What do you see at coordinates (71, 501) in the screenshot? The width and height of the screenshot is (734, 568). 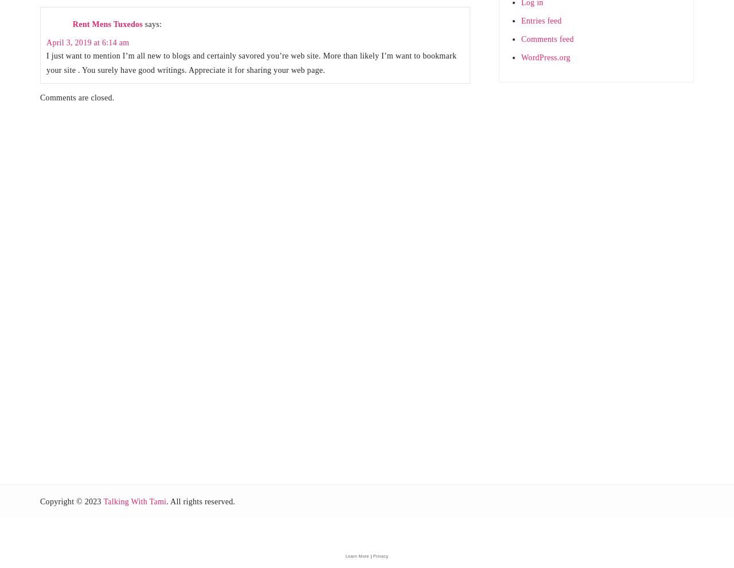 I see `'Copyright © 2023'` at bounding box center [71, 501].